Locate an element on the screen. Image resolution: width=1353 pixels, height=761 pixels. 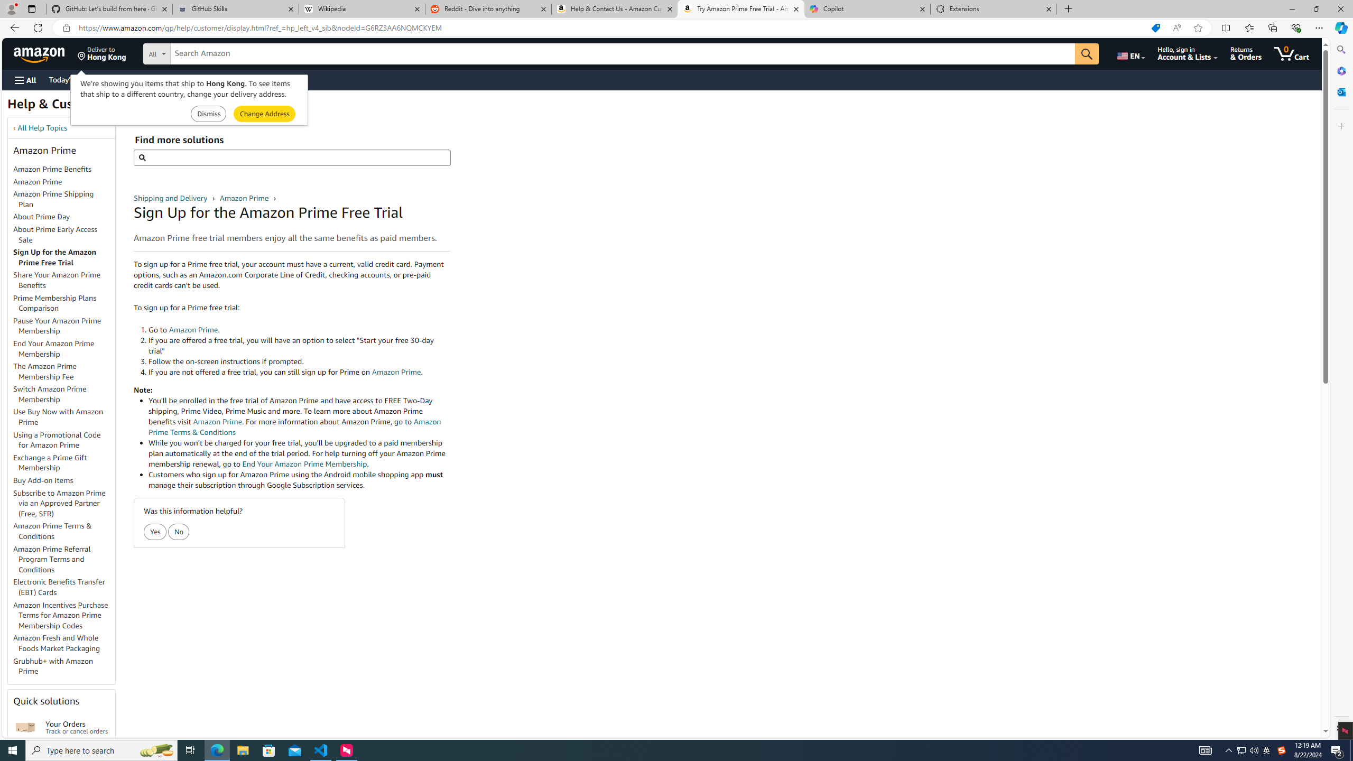
'Switch Amazon Prime Membership' is located at coordinates (49, 393).